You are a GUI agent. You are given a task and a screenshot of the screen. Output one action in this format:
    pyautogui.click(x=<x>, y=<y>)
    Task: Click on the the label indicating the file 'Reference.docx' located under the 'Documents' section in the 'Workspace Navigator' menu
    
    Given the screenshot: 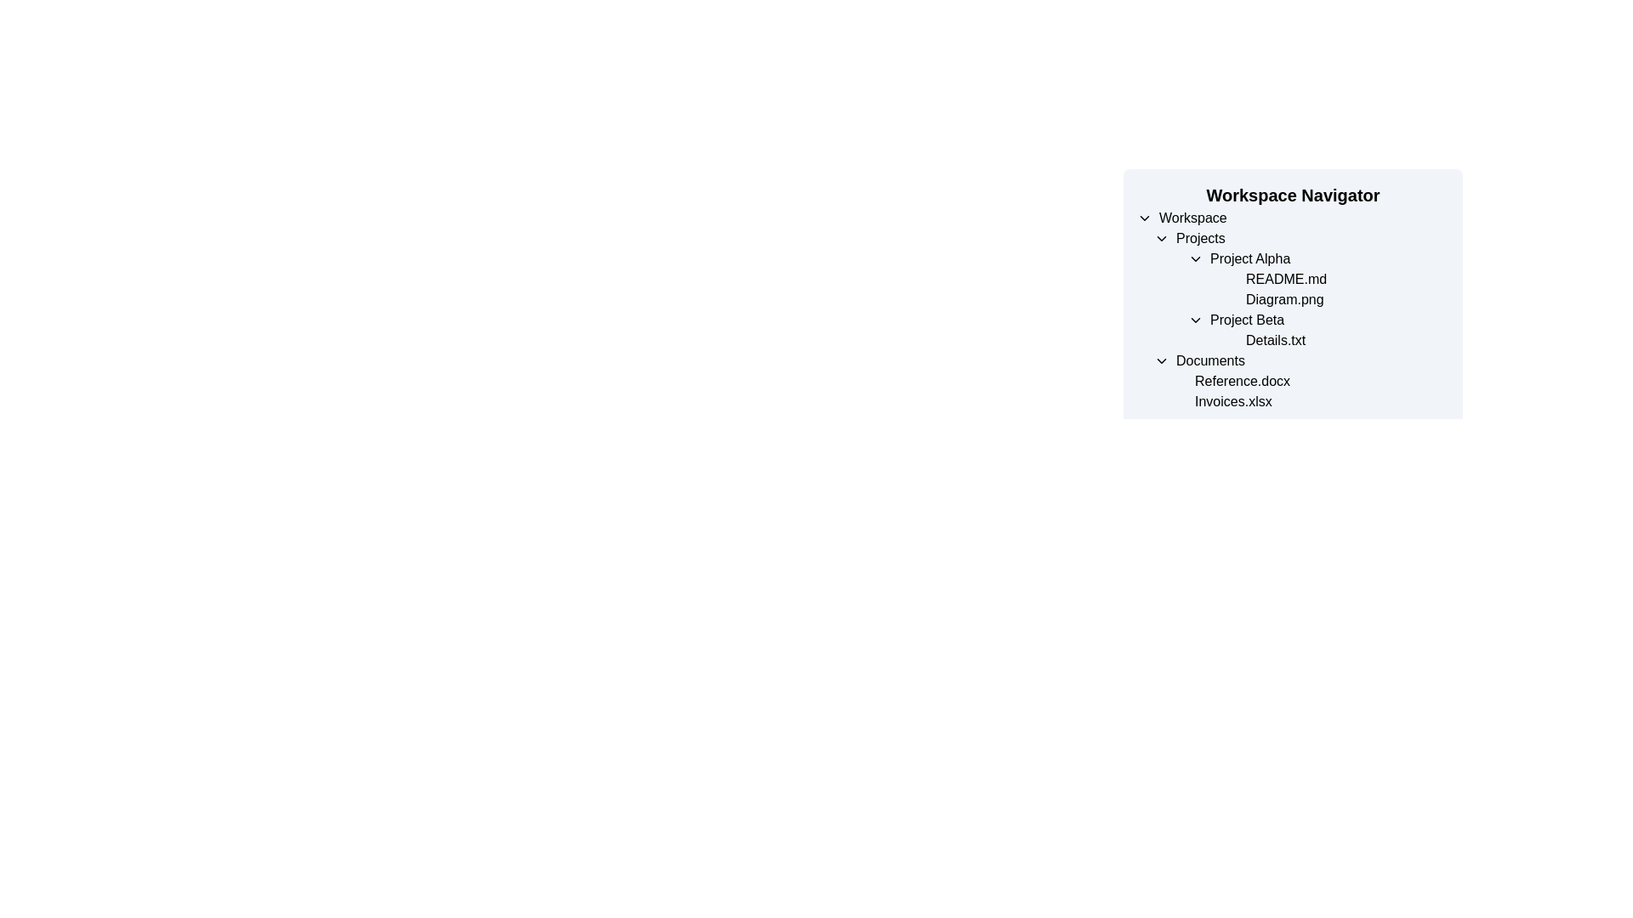 What is the action you would take?
    pyautogui.click(x=1243, y=380)
    